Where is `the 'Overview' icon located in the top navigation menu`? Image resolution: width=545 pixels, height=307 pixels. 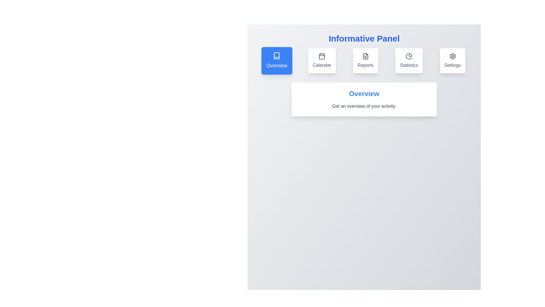 the 'Overview' icon located in the top navigation menu is located at coordinates (277, 56).